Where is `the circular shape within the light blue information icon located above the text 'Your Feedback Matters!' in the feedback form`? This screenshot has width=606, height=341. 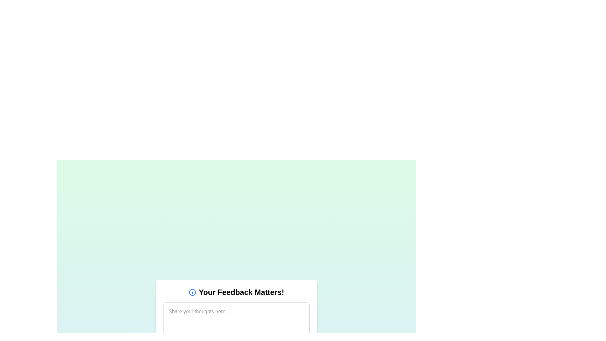
the circular shape within the light blue information icon located above the text 'Your Feedback Matters!' in the feedback form is located at coordinates (192, 292).